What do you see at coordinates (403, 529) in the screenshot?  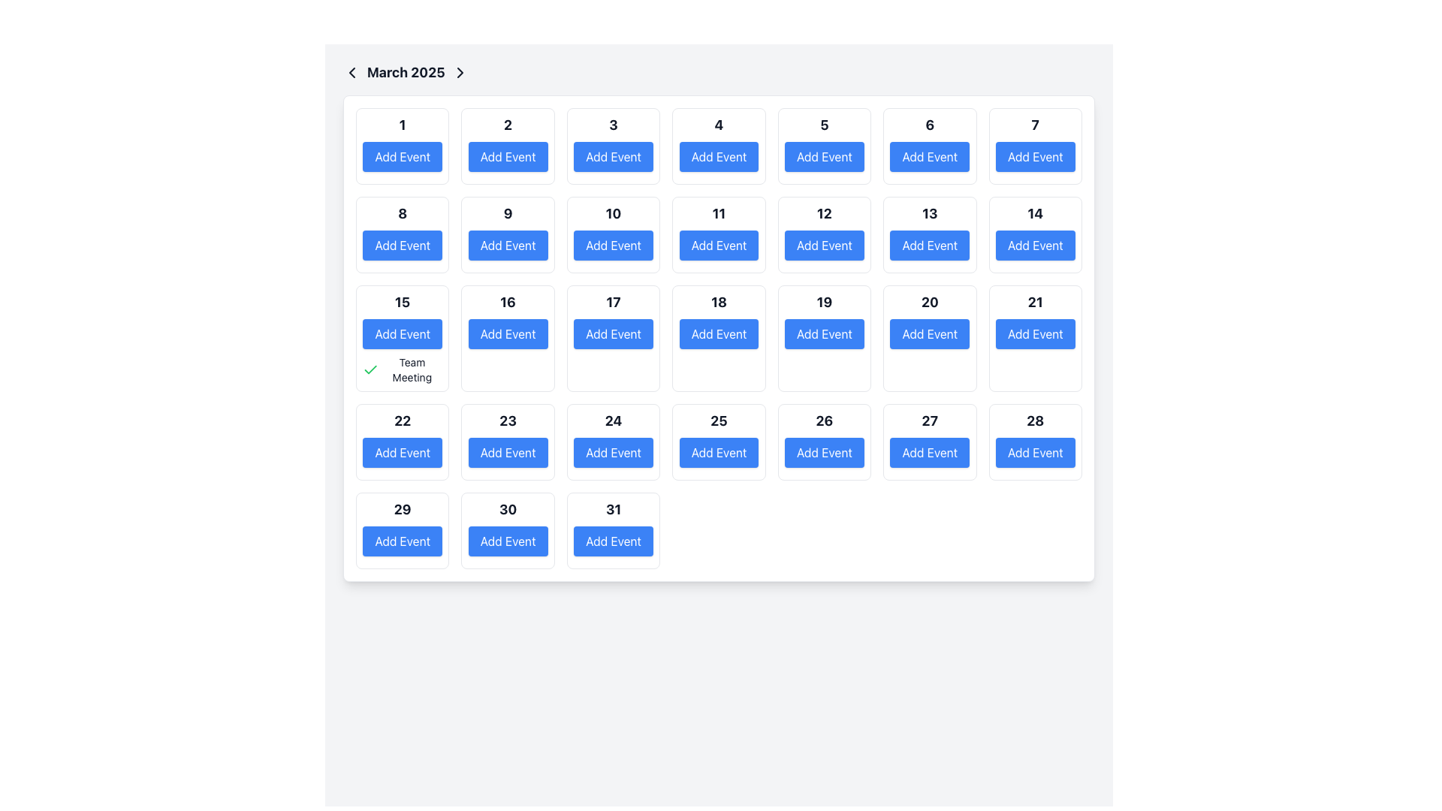 I see `the interactive calendar date slot representing the 29th day of the month` at bounding box center [403, 529].